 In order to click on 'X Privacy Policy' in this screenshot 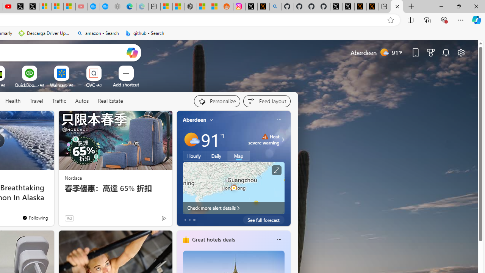, I will do `click(372, 6)`.